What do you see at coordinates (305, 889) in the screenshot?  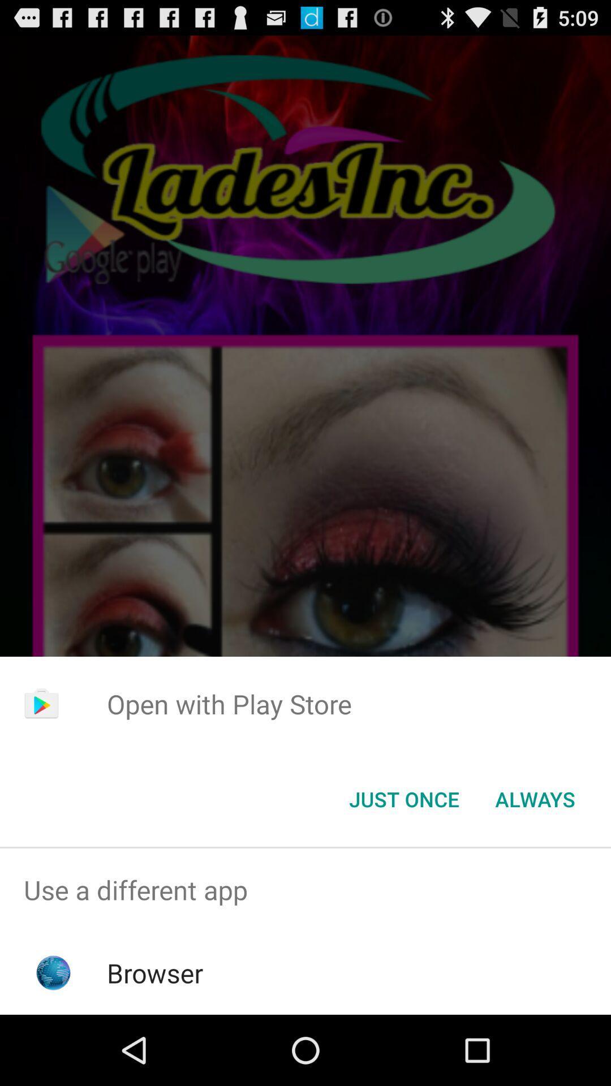 I see `use a different item` at bounding box center [305, 889].